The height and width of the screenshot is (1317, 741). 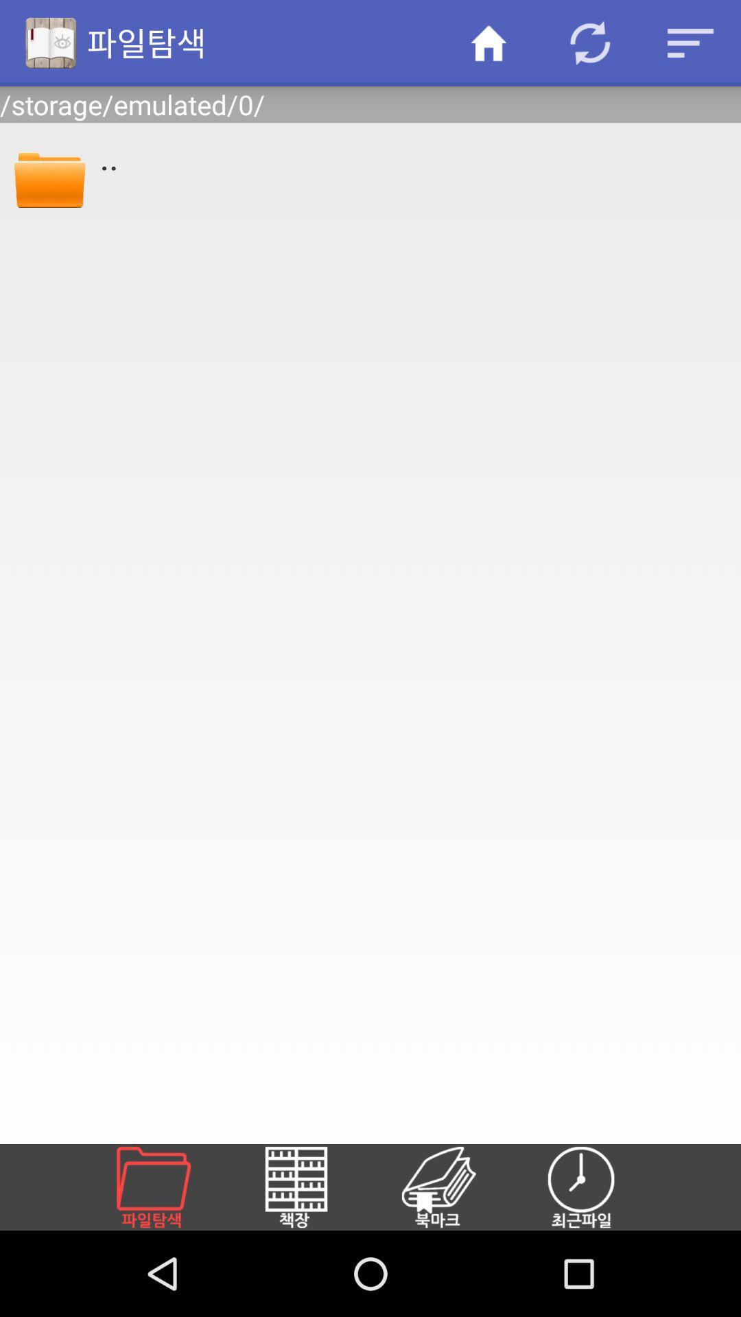 I want to click on open content, so click(x=455, y=1187).